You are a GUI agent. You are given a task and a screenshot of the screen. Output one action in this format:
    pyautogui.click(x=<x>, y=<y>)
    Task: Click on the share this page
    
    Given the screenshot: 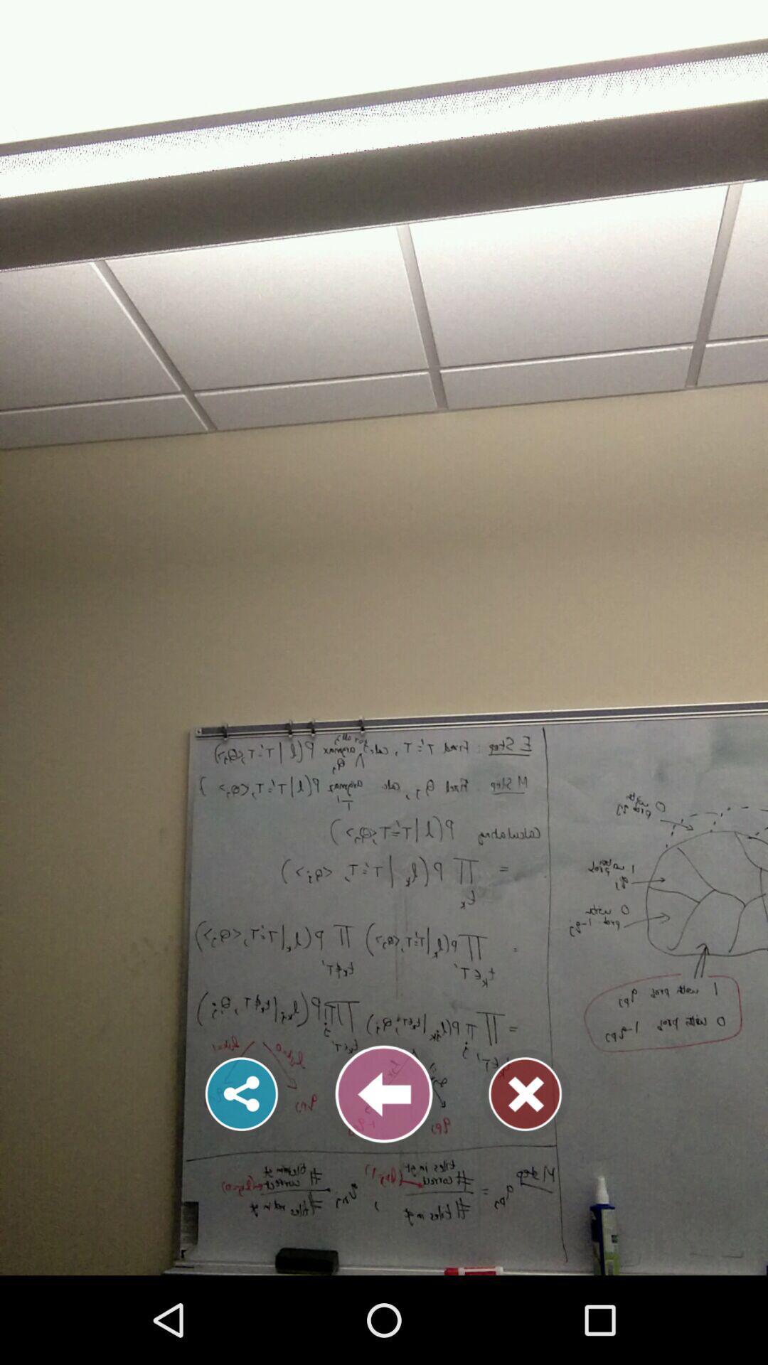 What is the action you would take?
    pyautogui.click(x=241, y=1093)
    